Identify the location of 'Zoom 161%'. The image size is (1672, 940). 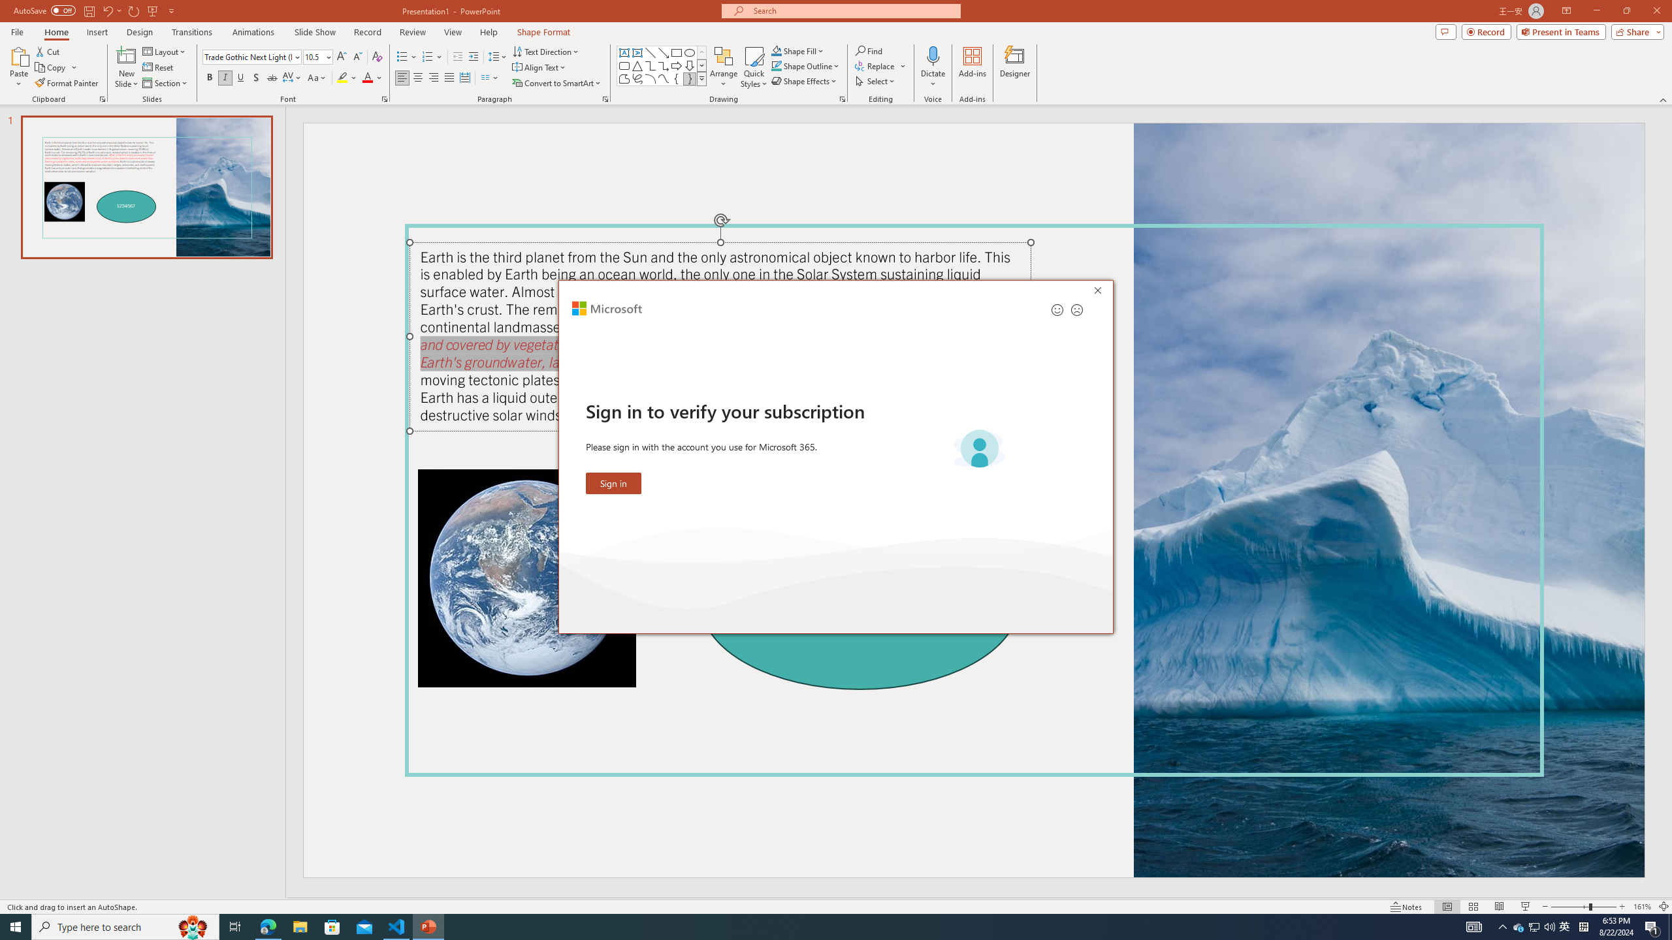
(1643, 907).